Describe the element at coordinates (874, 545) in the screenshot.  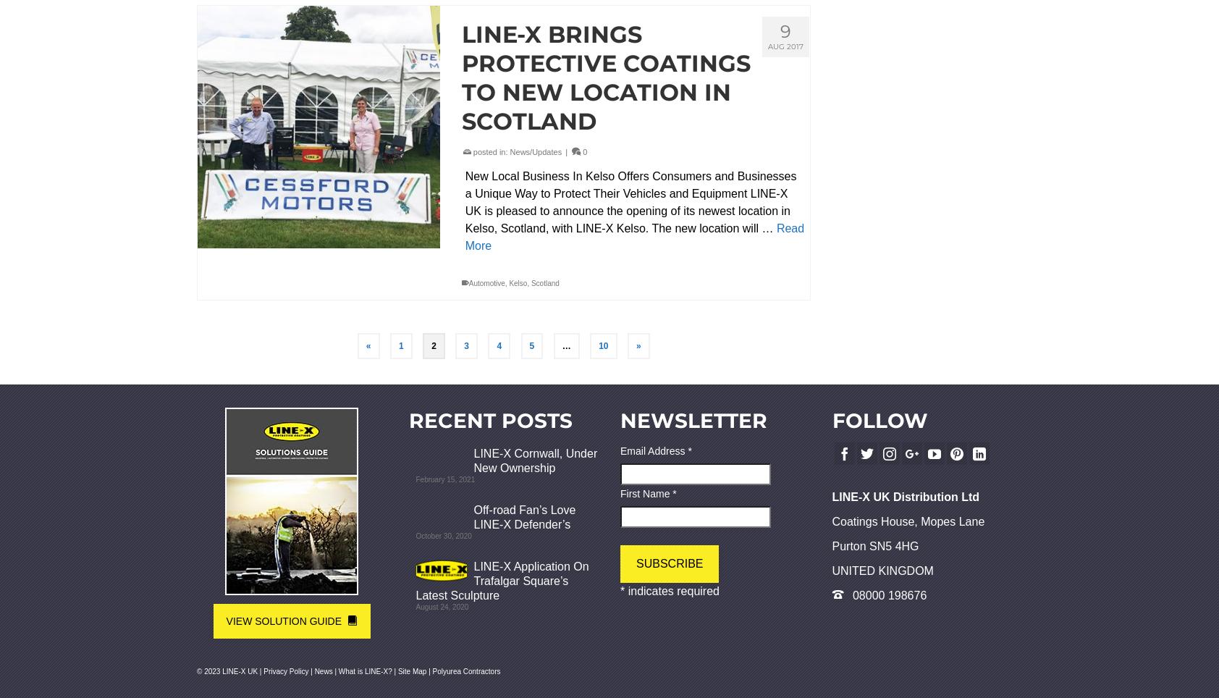
I see `'Purton SN5 4HG'` at that location.